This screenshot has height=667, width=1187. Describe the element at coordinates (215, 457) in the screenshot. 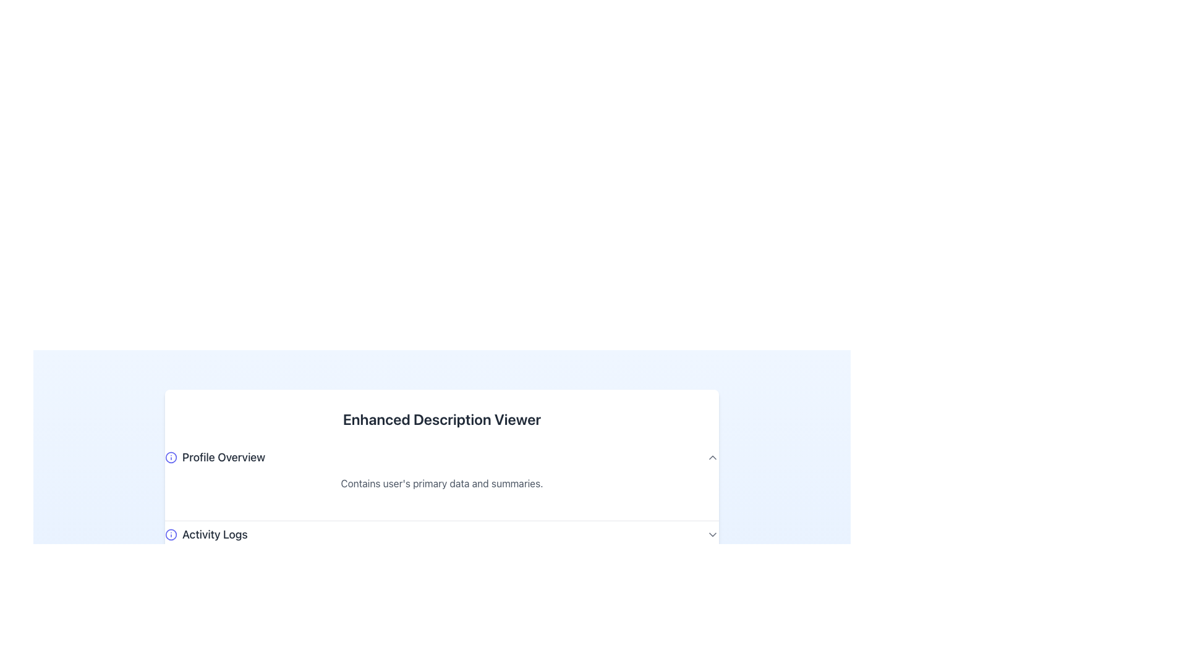

I see `the 'Profile Overview' text label` at that location.